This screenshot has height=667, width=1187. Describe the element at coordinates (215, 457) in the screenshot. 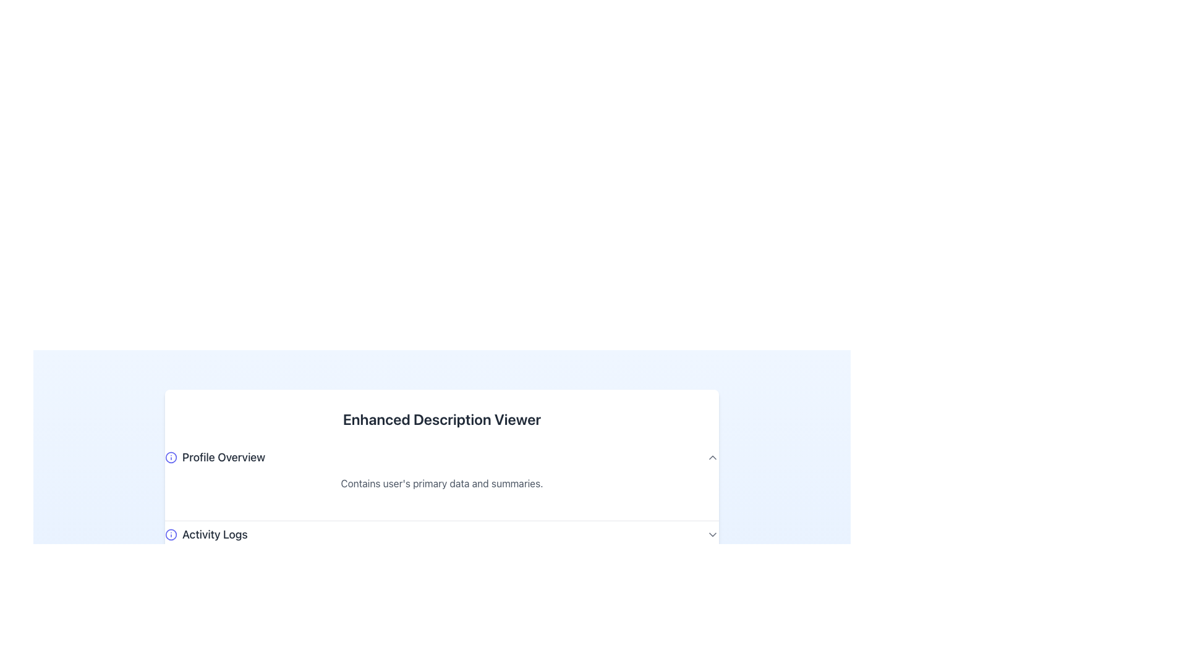

I see `the 'Profile Overview' text label` at that location.